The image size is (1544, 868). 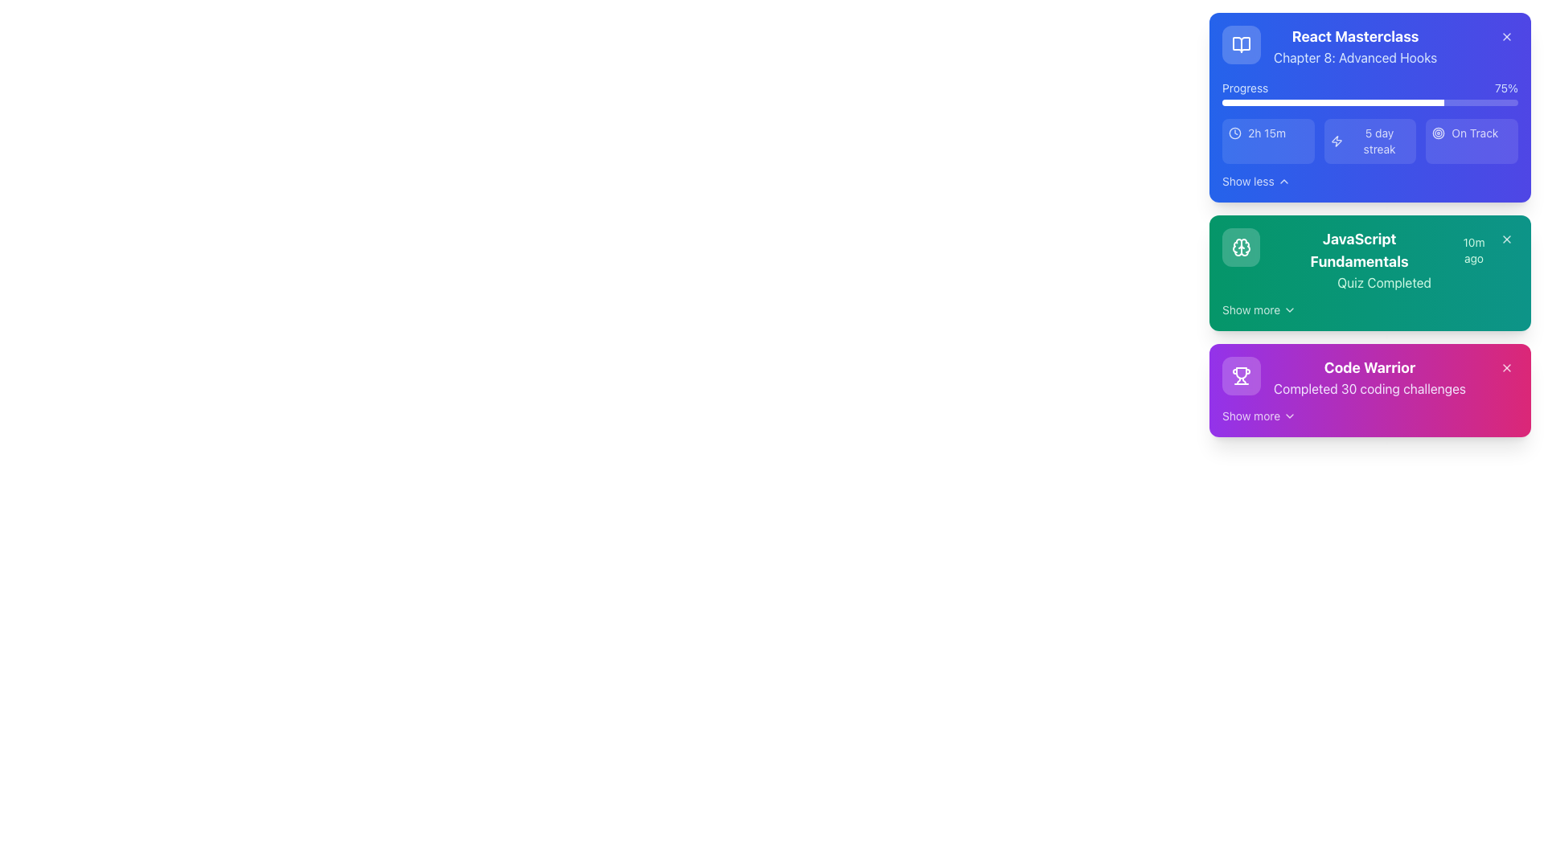 I want to click on the text label displaying '5 day streak' which is centrally aligned within the 'React Masterclass' card, so click(x=1378, y=141).